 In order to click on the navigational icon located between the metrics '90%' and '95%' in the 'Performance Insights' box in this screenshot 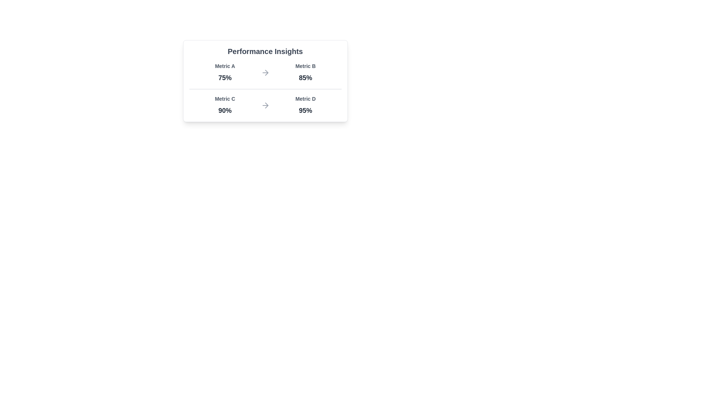, I will do `click(265, 105)`.